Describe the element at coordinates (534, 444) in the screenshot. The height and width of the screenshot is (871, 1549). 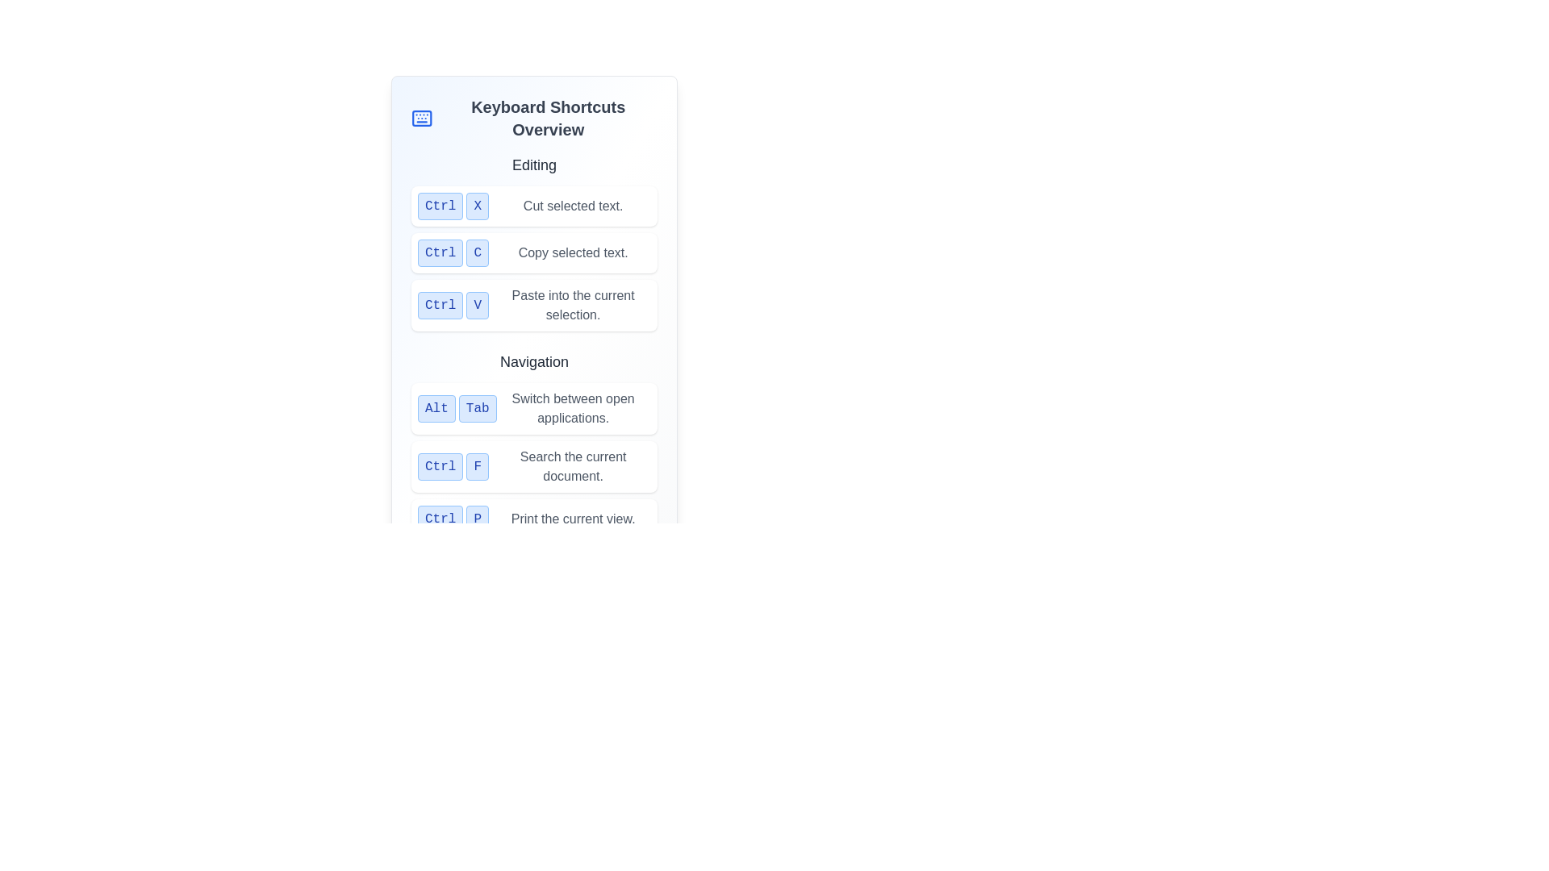
I see `the individual shortcut descriptions within the Instructional panel located in the 'Navigation' section of the Keyboard Shortcuts Overview` at that location.